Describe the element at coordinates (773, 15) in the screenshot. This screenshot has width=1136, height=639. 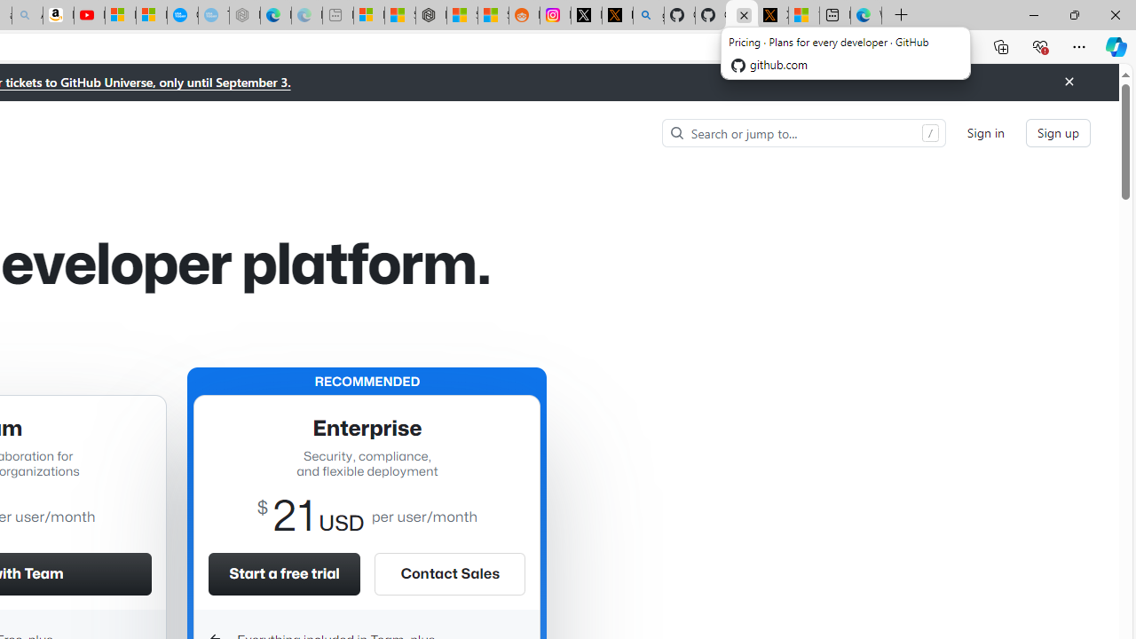
I see `'X Privacy Policy'` at that location.